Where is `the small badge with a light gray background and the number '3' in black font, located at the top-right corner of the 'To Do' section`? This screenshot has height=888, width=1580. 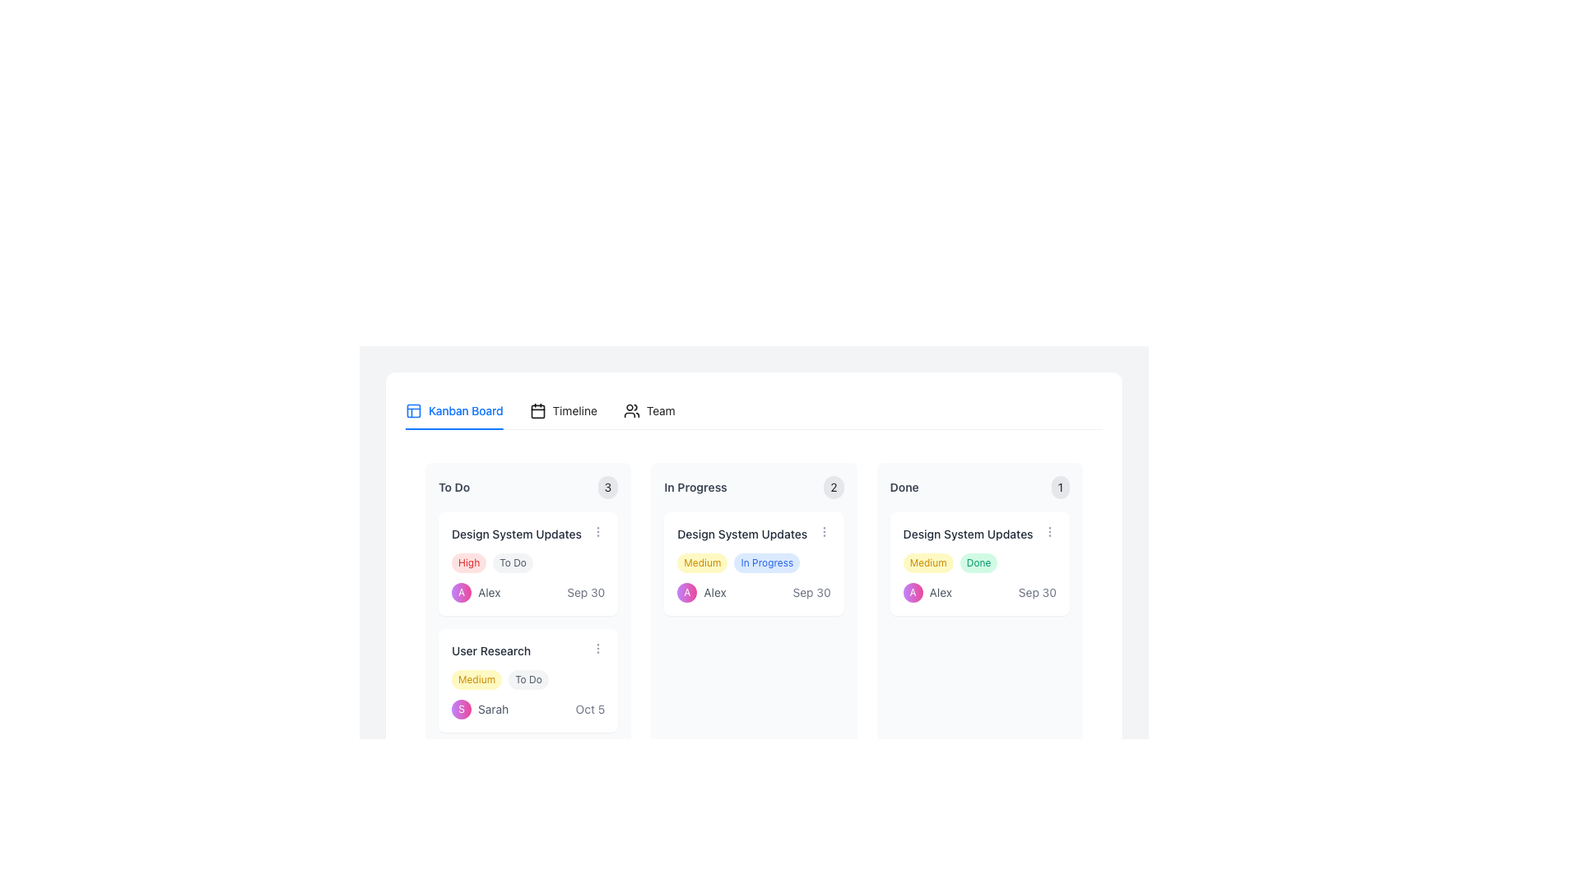
the small badge with a light gray background and the number '3' in black font, located at the top-right corner of the 'To Do' section is located at coordinates (607, 487).